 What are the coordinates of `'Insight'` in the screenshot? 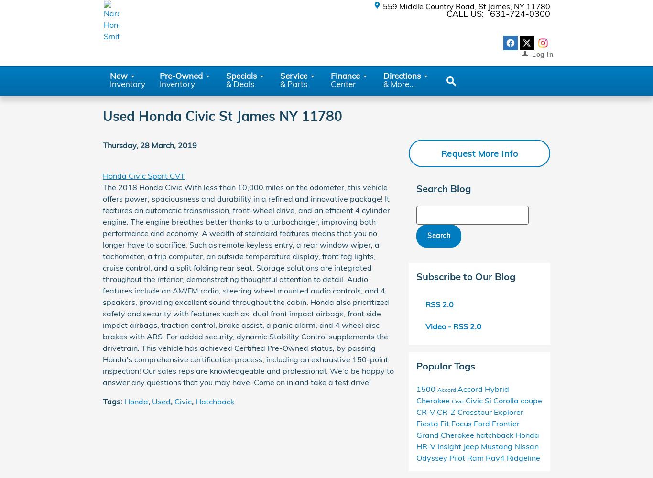 It's located at (450, 446).